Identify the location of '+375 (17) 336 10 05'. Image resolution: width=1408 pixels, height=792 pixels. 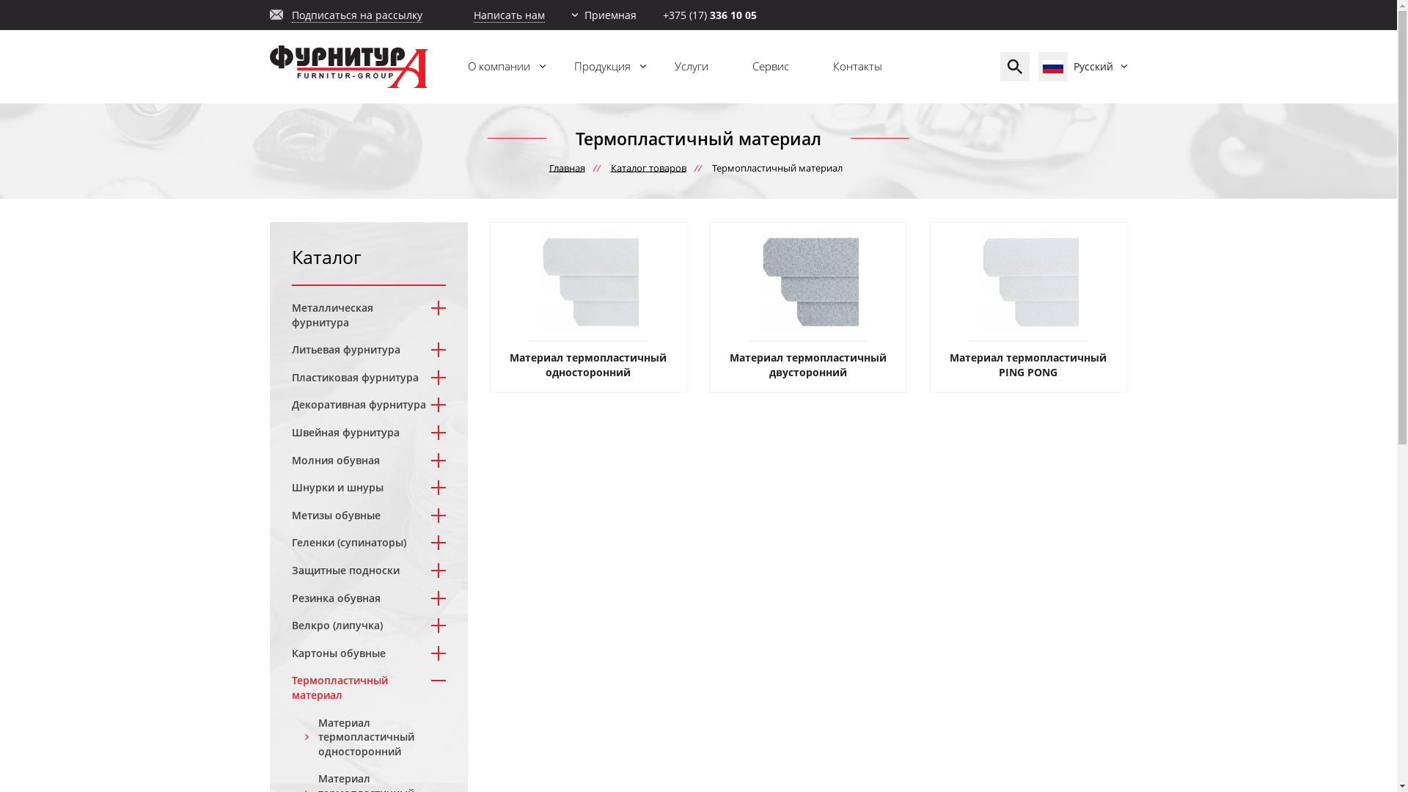
(710, 14).